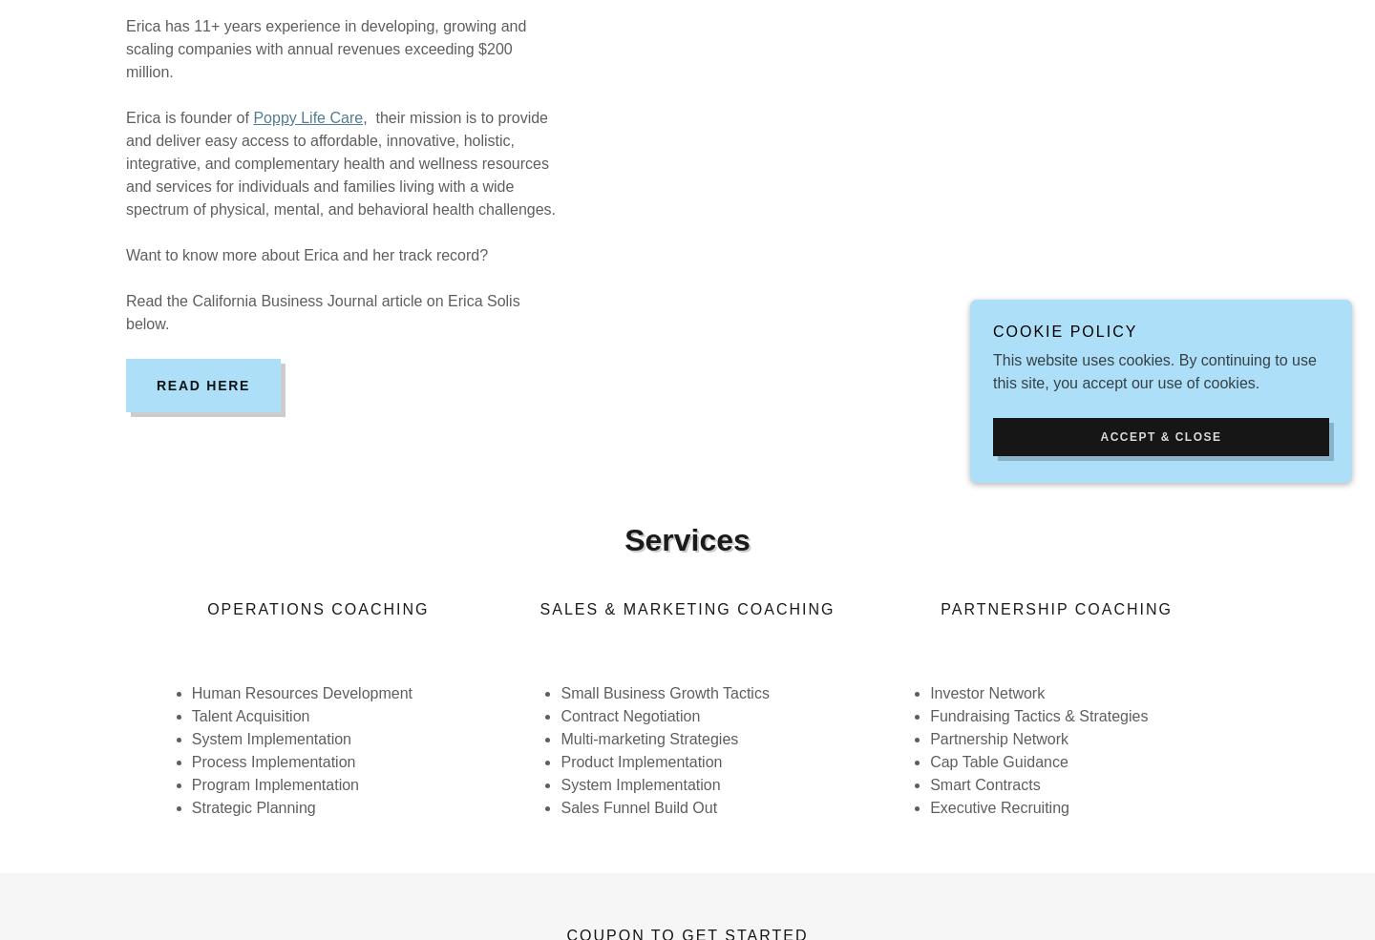 This screenshot has width=1375, height=940. Describe the element at coordinates (639, 806) in the screenshot. I see `'Sales Funnel Build Out'` at that location.